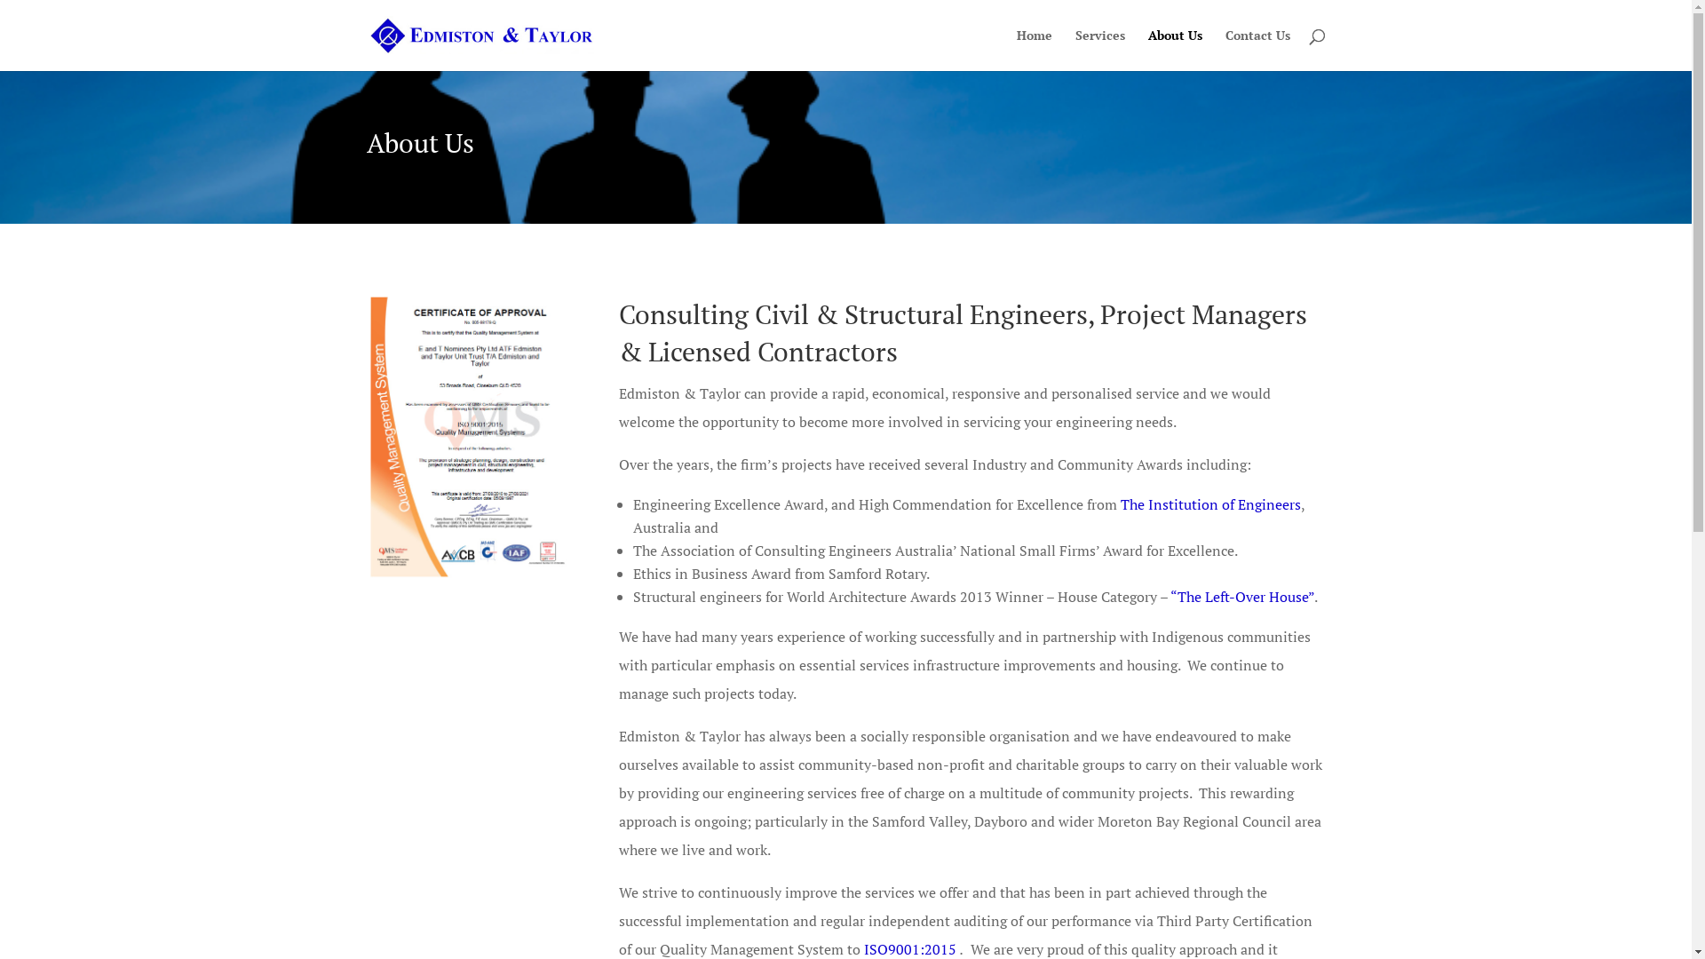  What do you see at coordinates (1098, 49) in the screenshot?
I see `'Services'` at bounding box center [1098, 49].